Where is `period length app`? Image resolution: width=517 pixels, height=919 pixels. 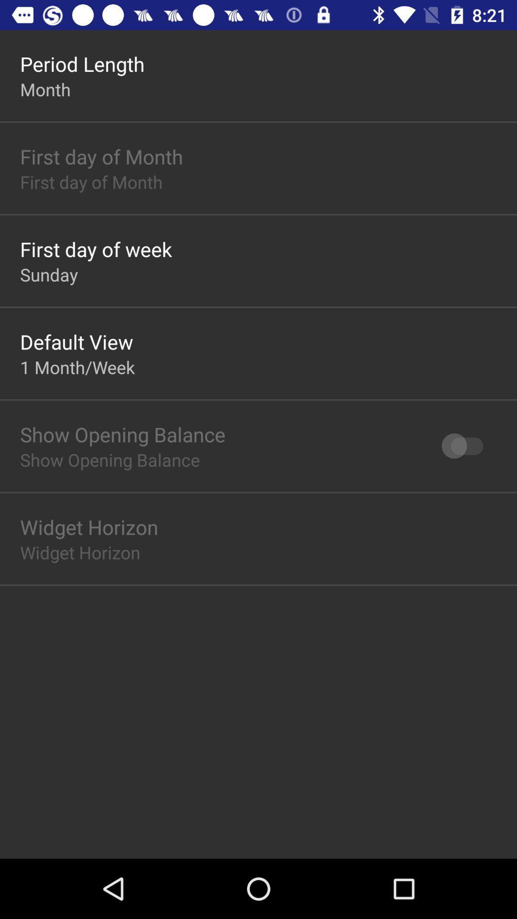
period length app is located at coordinates (82, 63).